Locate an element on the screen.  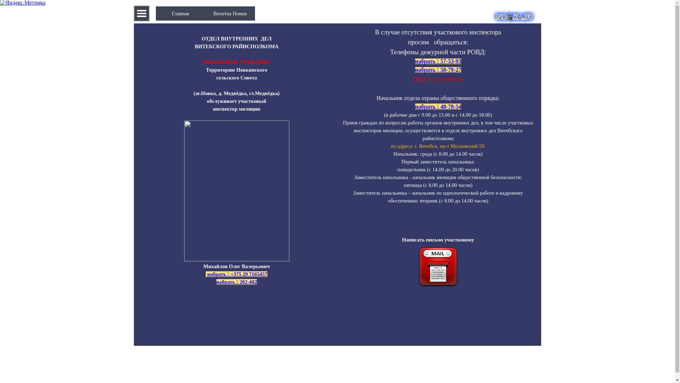
'29 7165457' is located at coordinates (255, 273).